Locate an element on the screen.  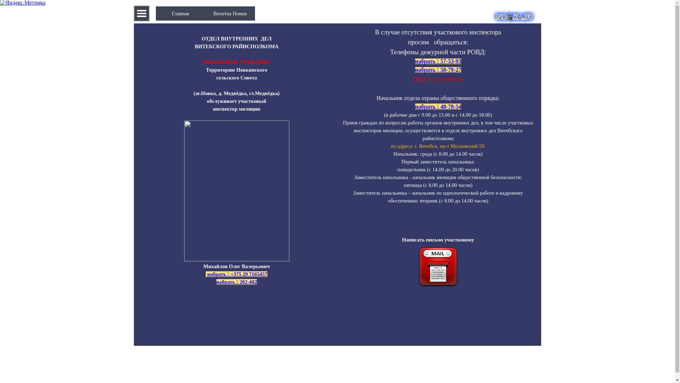
'29 7165457' is located at coordinates (255, 273).